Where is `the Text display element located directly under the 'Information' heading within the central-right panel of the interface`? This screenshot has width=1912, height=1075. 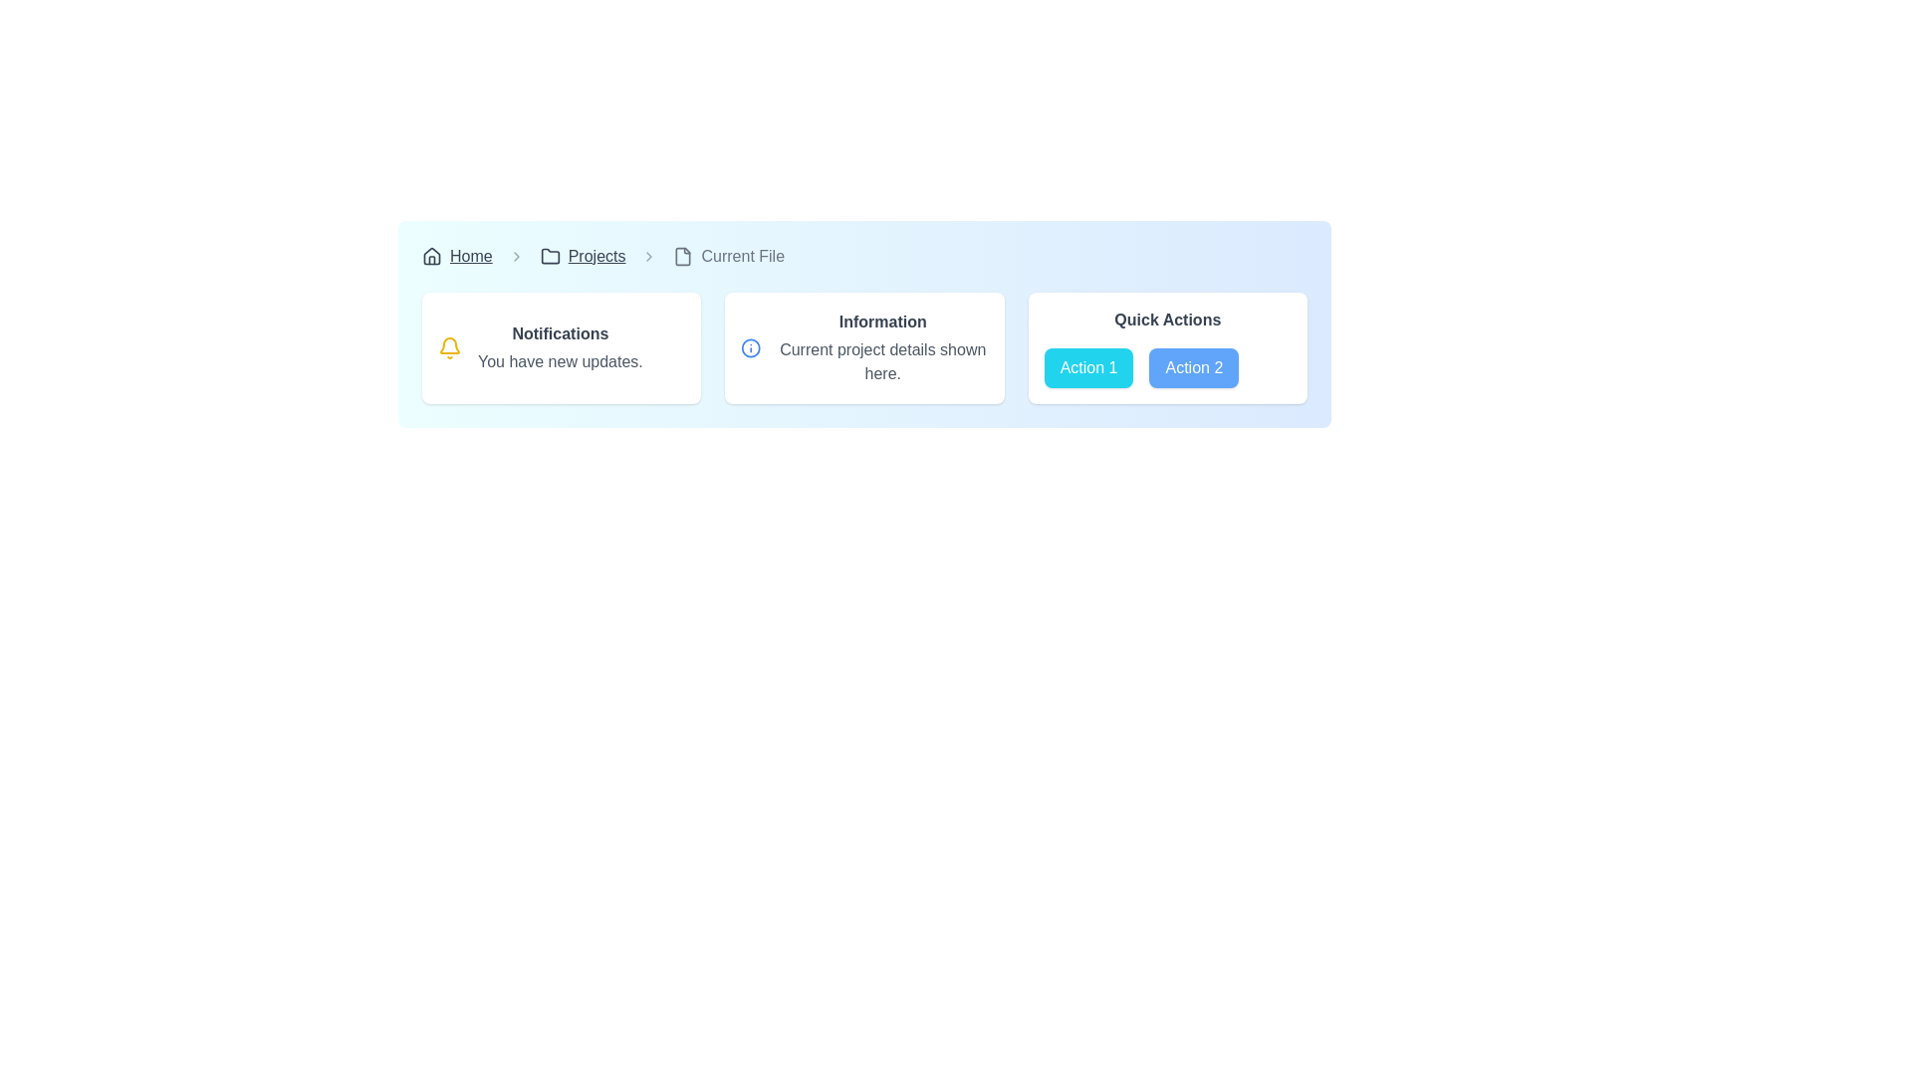
the Text display element located directly under the 'Information' heading within the central-right panel of the interface is located at coordinates (881, 361).